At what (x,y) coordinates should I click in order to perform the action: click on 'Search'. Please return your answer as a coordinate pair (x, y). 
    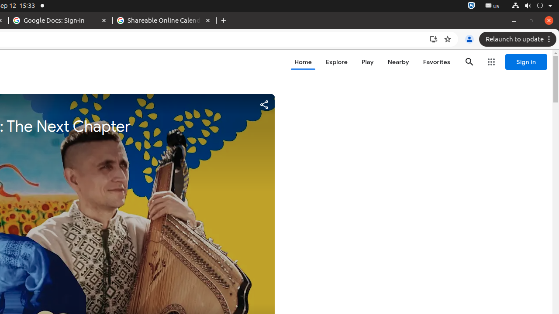
    Looking at the image, I should click on (469, 61).